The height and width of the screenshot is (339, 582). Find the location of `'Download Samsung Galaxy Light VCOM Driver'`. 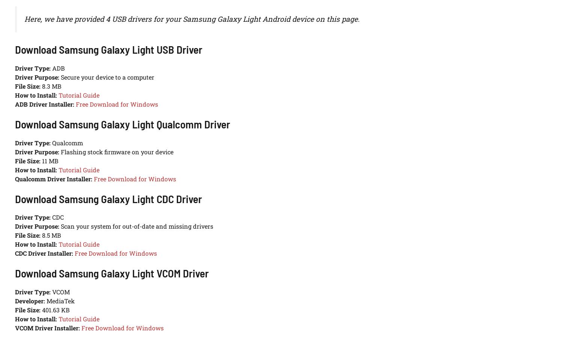

'Download Samsung Galaxy Light VCOM Driver' is located at coordinates (112, 273).